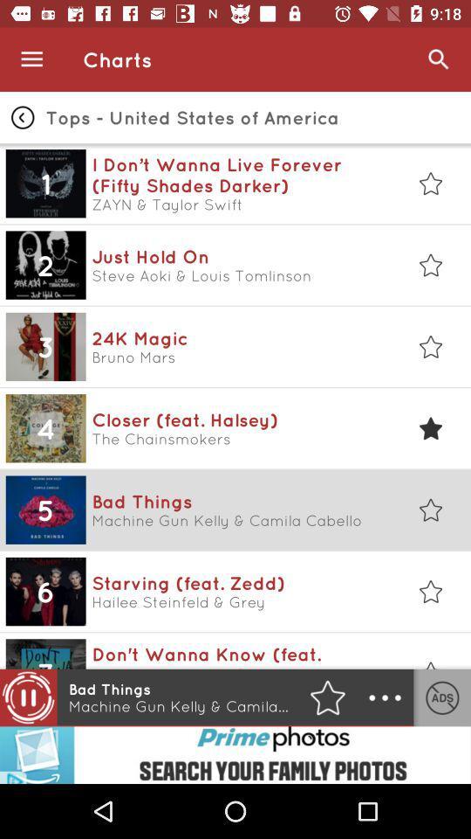  What do you see at coordinates (385, 697) in the screenshot?
I see `the more icon` at bounding box center [385, 697].